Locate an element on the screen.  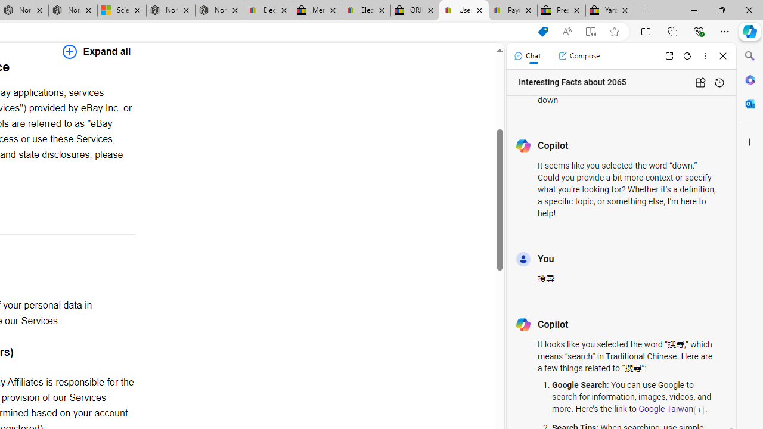
'Press Room - eBay Inc.' is located at coordinates (561, 10).